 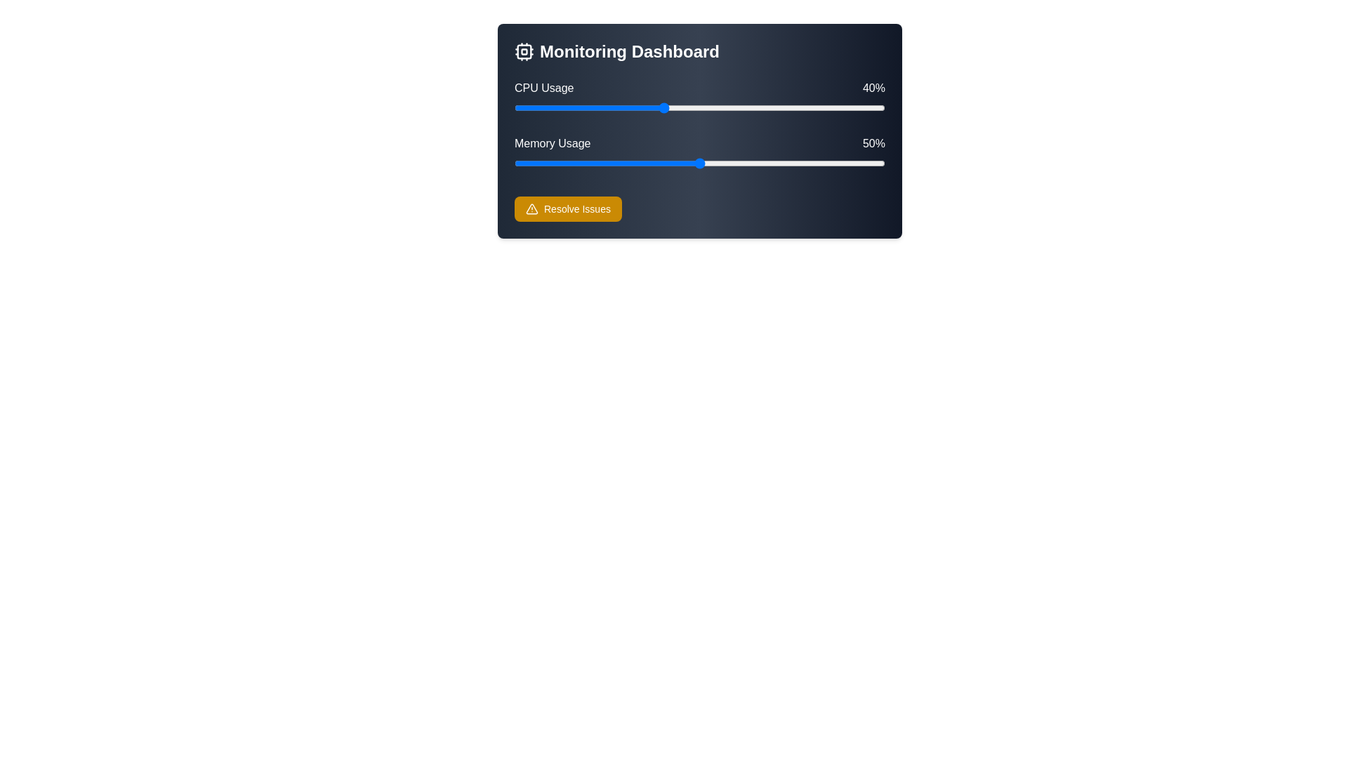 I want to click on the Range slider for 'Memory Usage', which is located beneath the label 'Memory Usage' and adjacent to the percentage label '50%', so click(x=700, y=162).